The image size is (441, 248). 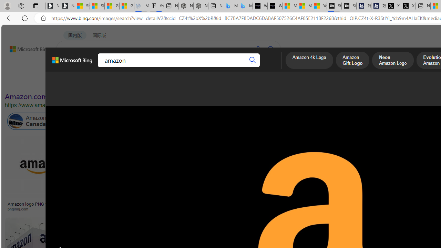 What do you see at coordinates (69, 67) in the screenshot?
I see `'WEB'` at bounding box center [69, 67].